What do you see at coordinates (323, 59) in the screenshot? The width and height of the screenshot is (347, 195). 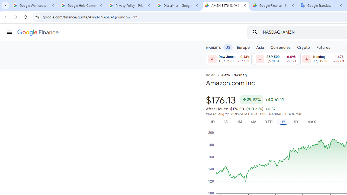 I see `'Nasdaq 17,619.35 Down by 1.67% -299.63'` at bounding box center [323, 59].